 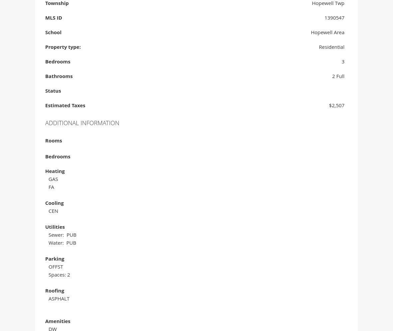 What do you see at coordinates (331, 47) in the screenshot?
I see `'Residential'` at bounding box center [331, 47].